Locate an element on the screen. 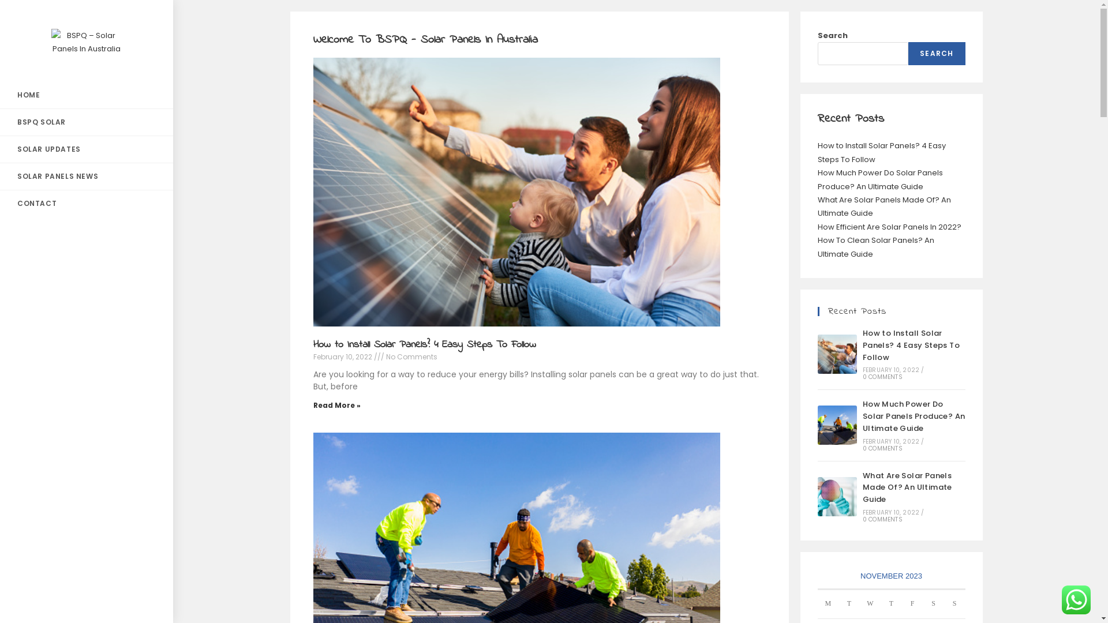 The width and height of the screenshot is (1108, 623). '0 COMMENTS' is located at coordinates (862, 377).